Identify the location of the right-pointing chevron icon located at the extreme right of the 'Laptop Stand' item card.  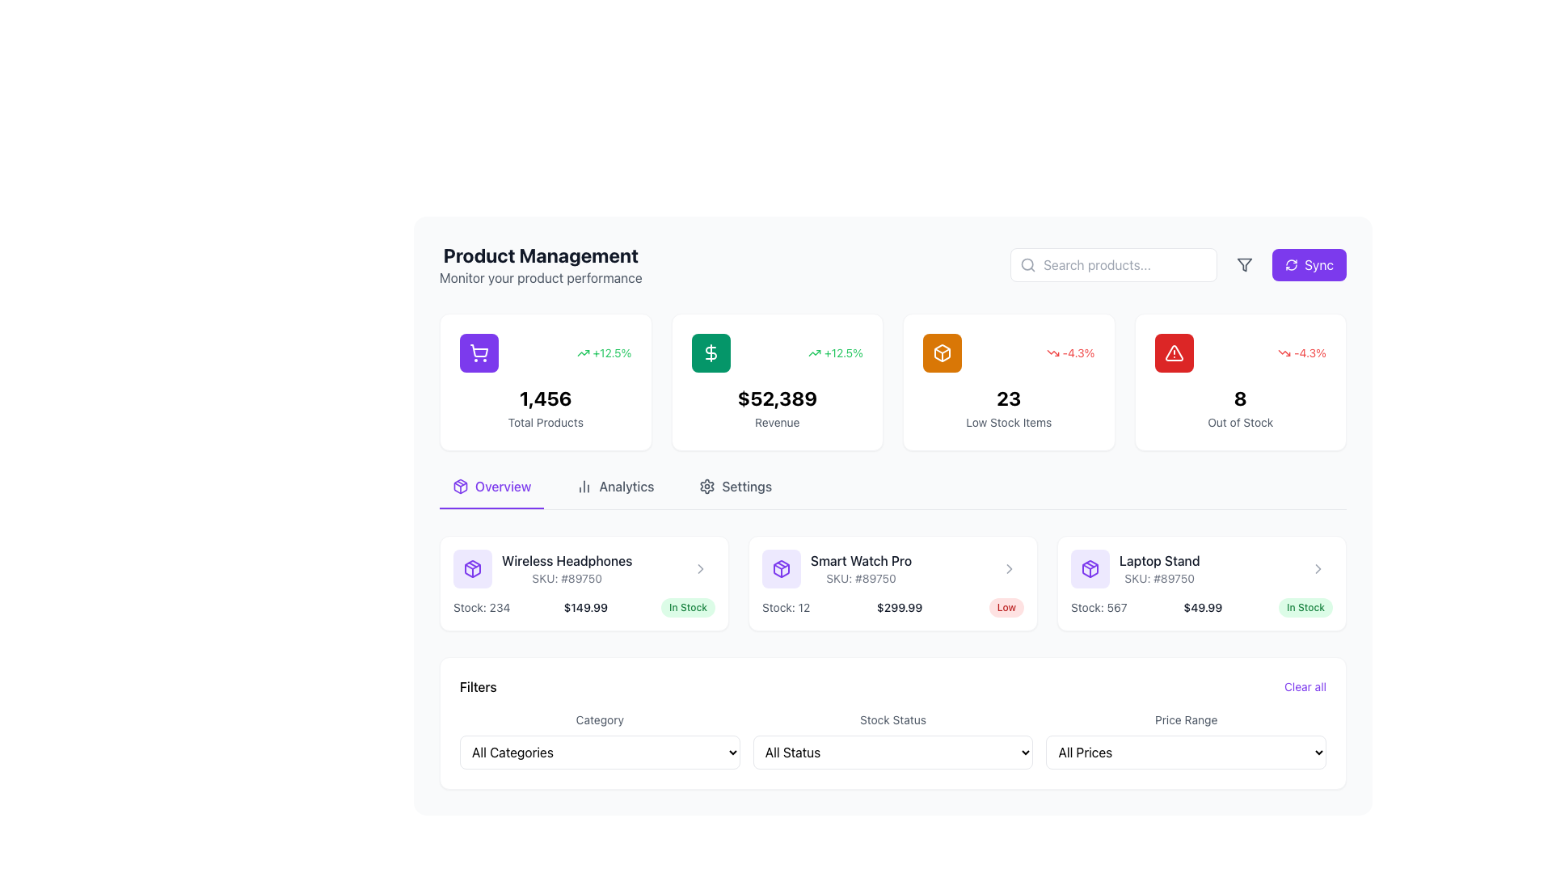
(1008, 568).